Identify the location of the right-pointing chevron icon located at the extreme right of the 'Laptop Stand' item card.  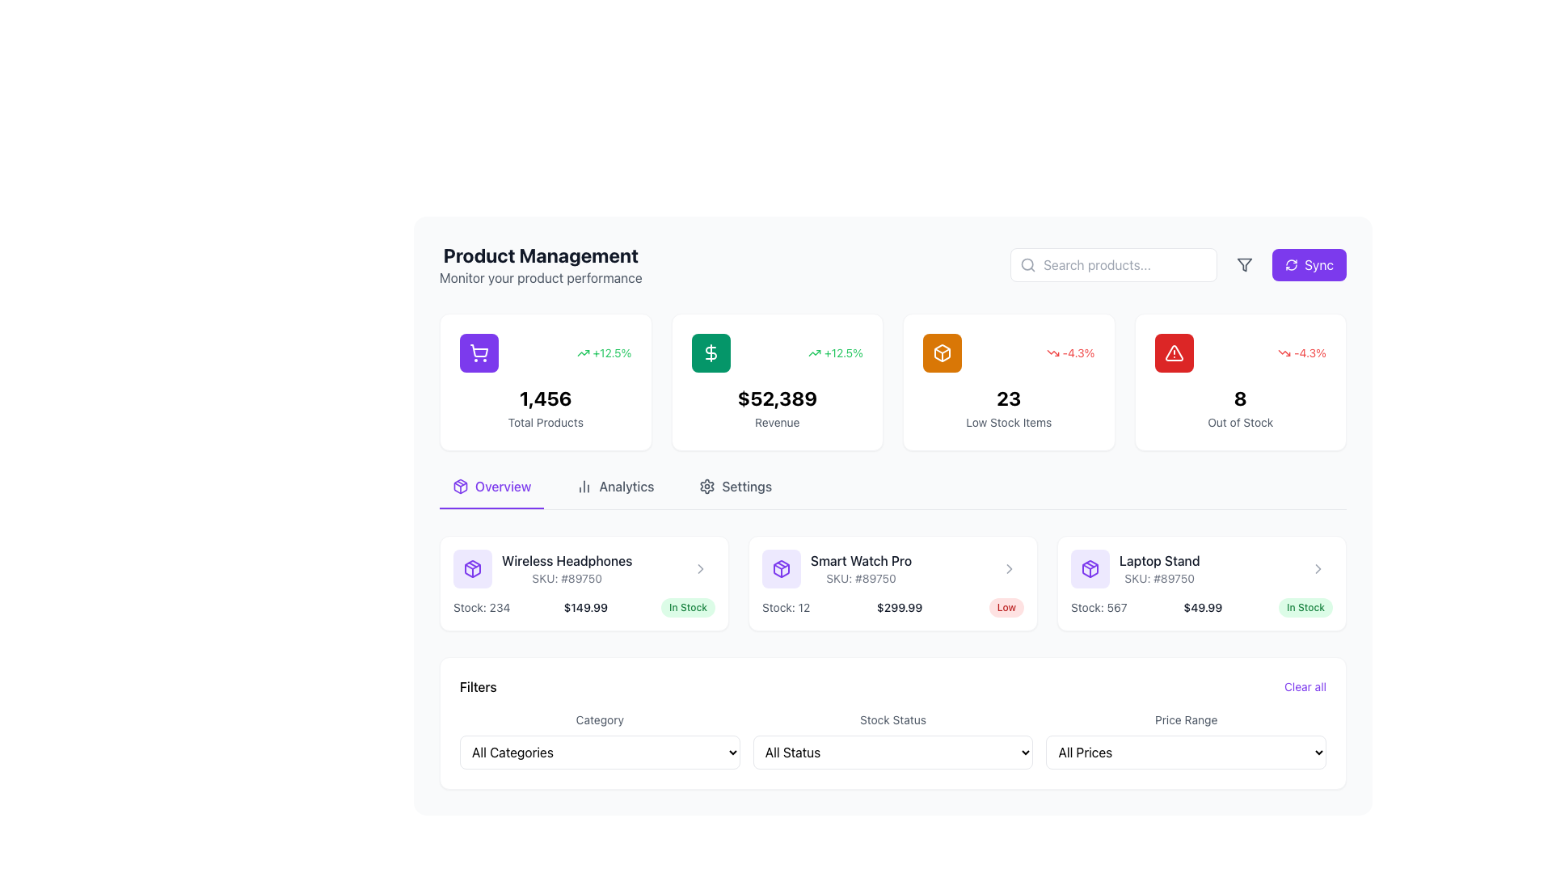
(1008, 568).